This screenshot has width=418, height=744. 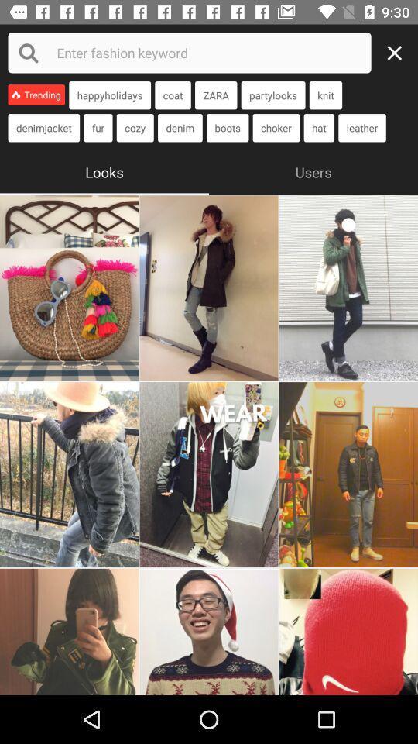 What do you see at coordinates (209, 474) in the screenshot?
I see `this photo` at bounding box center [209, 474].